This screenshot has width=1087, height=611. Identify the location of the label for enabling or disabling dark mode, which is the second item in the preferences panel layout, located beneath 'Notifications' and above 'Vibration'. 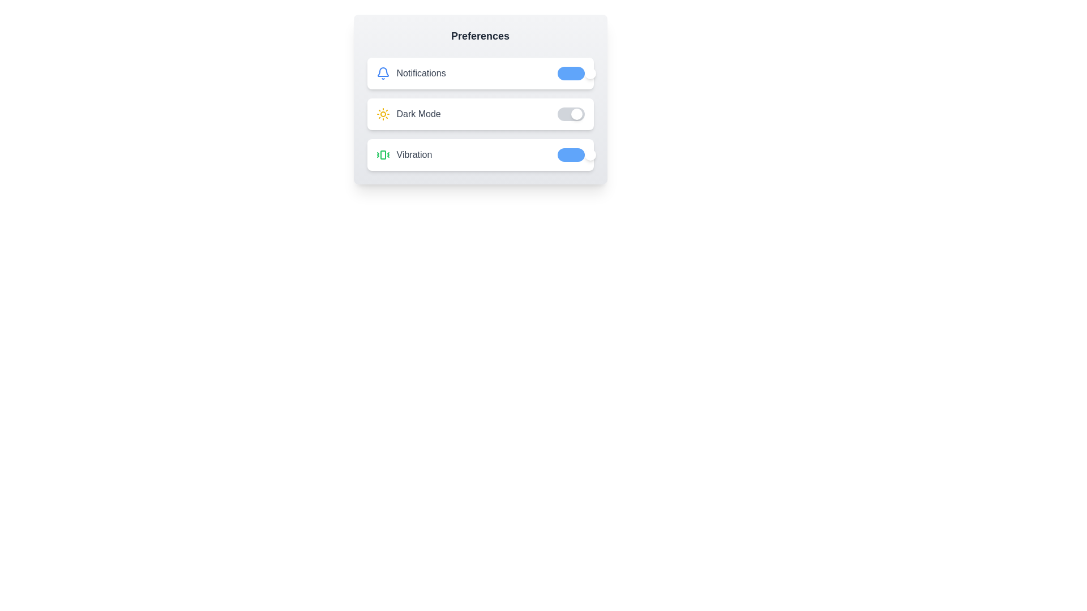
(408, 114).